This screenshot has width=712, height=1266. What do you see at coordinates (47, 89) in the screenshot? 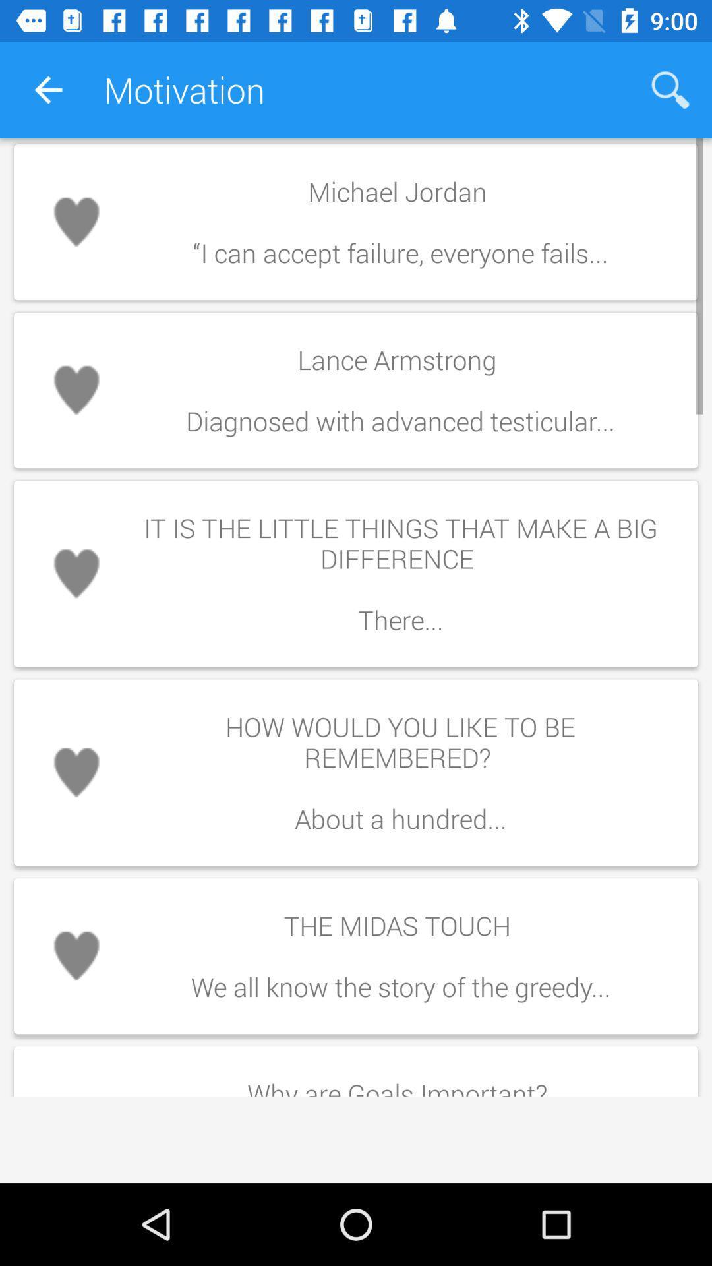
I see `app to the left of the motivation icon` at bounding box center [47, 89].